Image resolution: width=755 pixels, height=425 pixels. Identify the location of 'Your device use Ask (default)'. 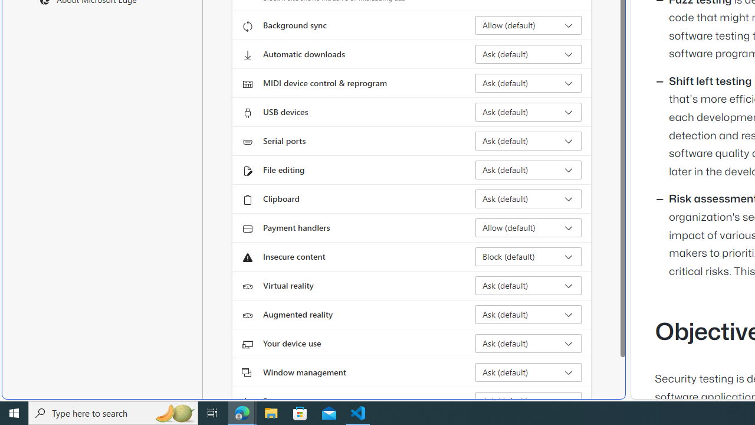
(528, 344).